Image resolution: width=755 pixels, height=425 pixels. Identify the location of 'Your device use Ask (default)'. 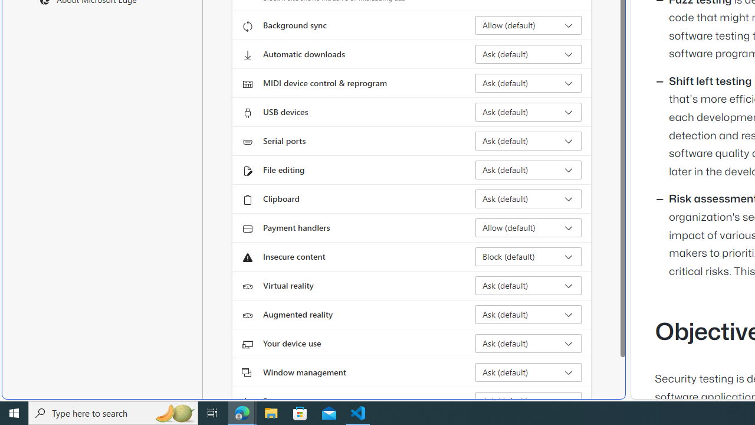
(528, 344).